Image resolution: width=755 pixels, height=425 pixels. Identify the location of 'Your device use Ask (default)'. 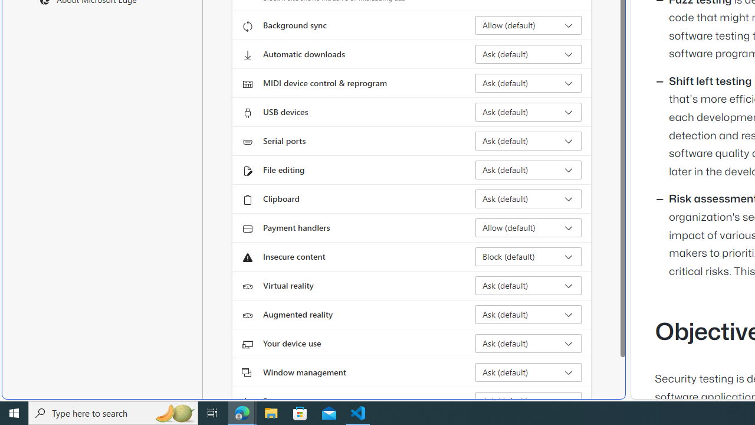
(528, 344).